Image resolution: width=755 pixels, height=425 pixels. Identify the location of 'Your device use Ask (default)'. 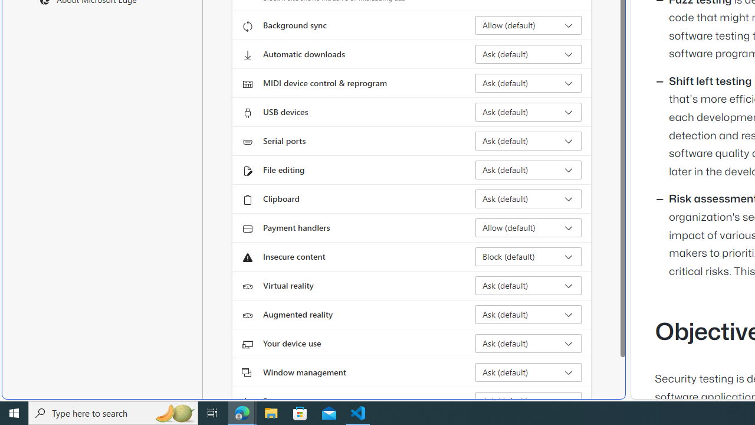
(528, 344).